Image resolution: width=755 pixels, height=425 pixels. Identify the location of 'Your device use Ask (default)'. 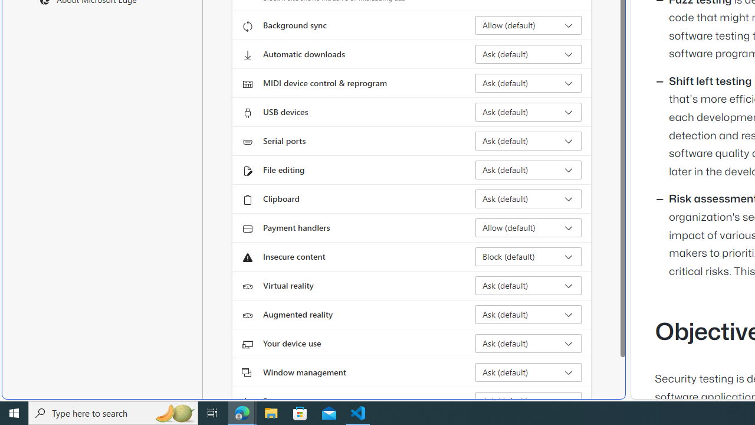
(528, 344).